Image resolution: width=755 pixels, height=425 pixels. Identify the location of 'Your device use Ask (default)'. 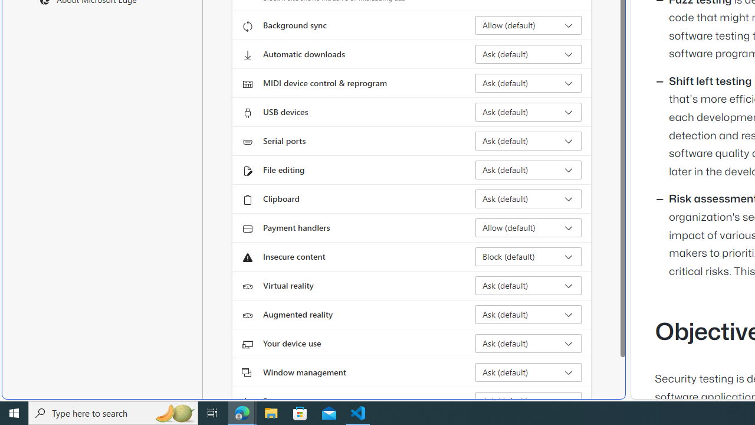
(528, 344).